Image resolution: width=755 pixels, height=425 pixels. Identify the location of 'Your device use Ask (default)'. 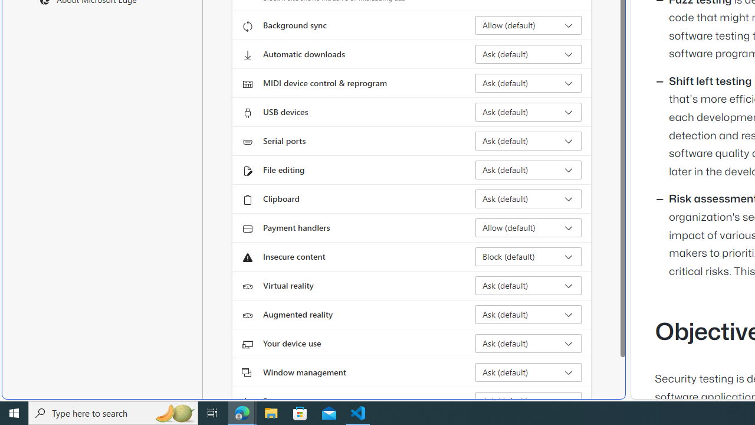
(528, 344).